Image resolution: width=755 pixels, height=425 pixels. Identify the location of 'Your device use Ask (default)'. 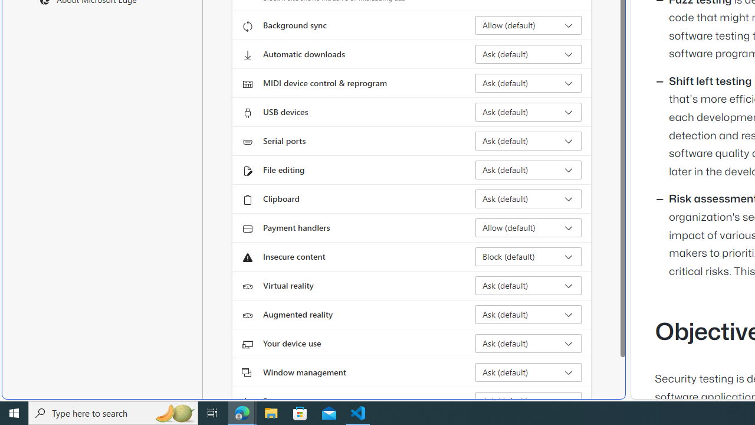
(528, 344).